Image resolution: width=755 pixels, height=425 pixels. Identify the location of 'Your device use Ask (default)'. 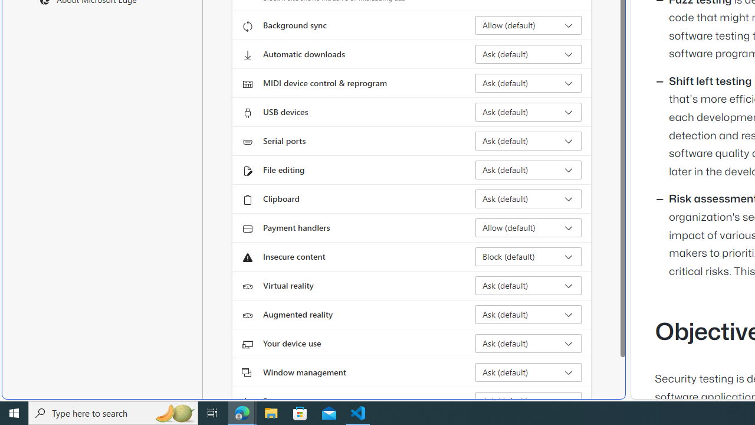
(528, 344).